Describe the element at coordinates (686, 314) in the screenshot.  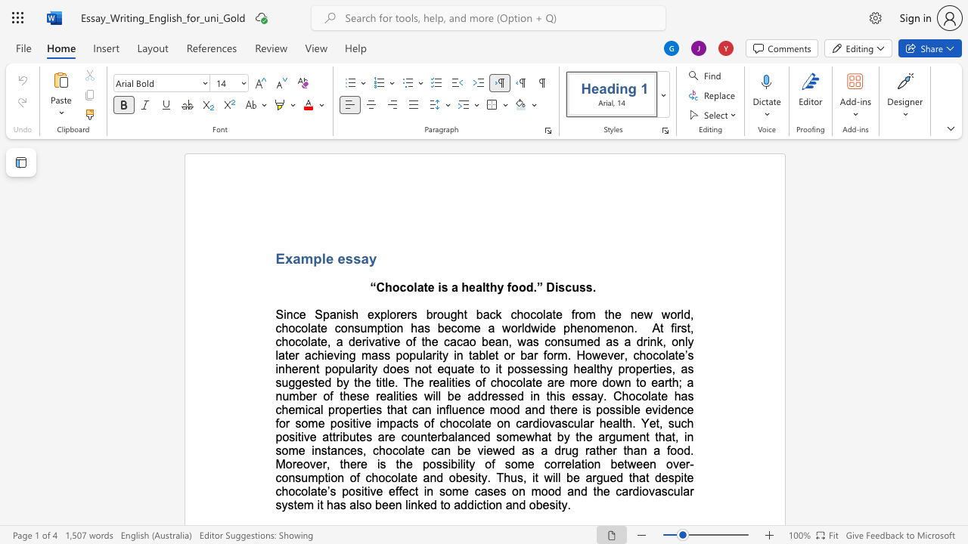
I see `the 1th character "d" in the text` at that location.